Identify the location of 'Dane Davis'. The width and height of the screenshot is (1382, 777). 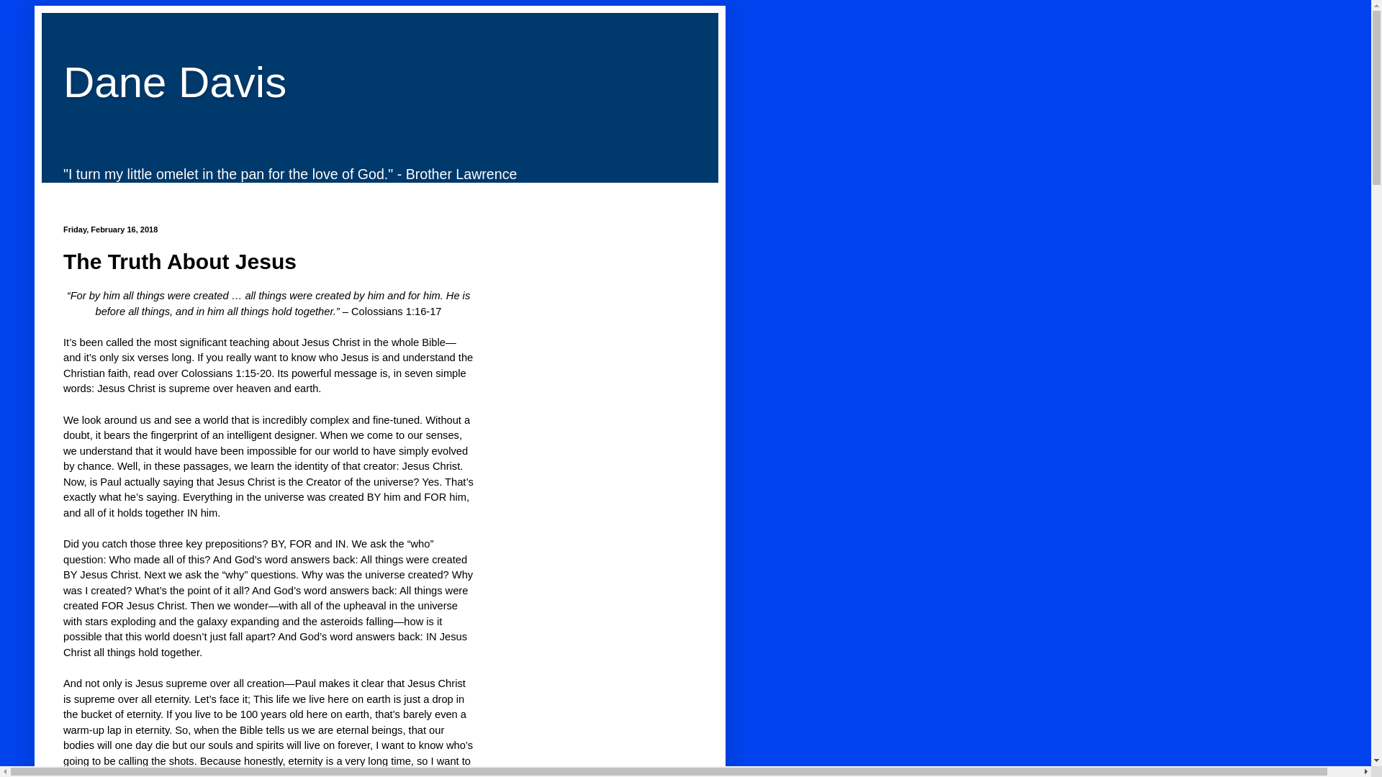
(174, 82).